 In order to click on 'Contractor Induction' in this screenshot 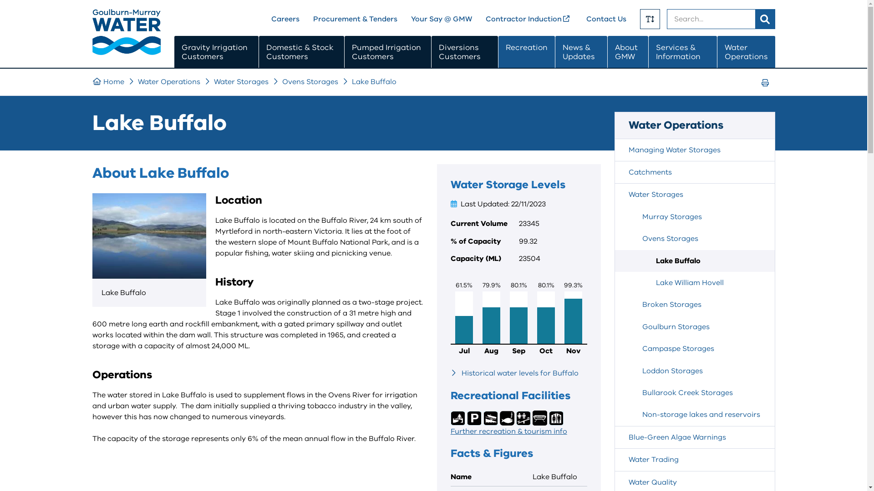, I will do `click(528, 19)`.